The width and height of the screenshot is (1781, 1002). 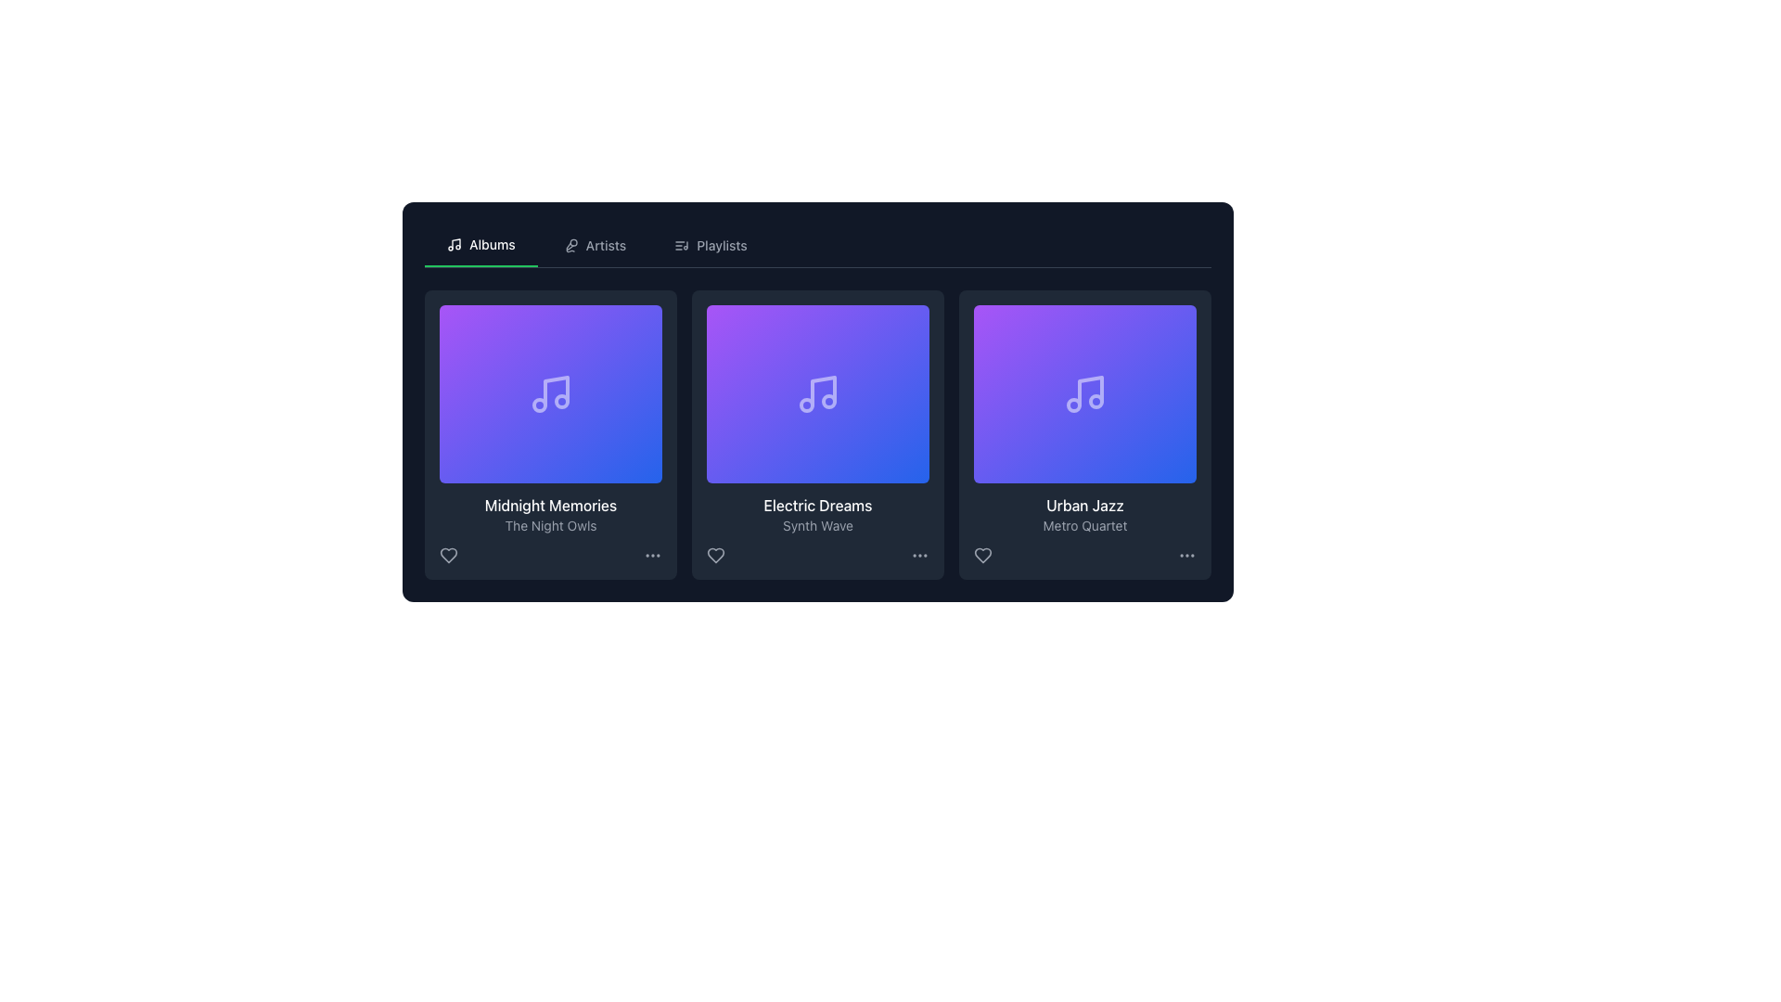 What do you see at coordinates (1085, 435) in the screenshot?
I see `the A card component representing 'Urban Jazz' in the grid layout to trigger hover effects` at bounding box center [1085, 435].